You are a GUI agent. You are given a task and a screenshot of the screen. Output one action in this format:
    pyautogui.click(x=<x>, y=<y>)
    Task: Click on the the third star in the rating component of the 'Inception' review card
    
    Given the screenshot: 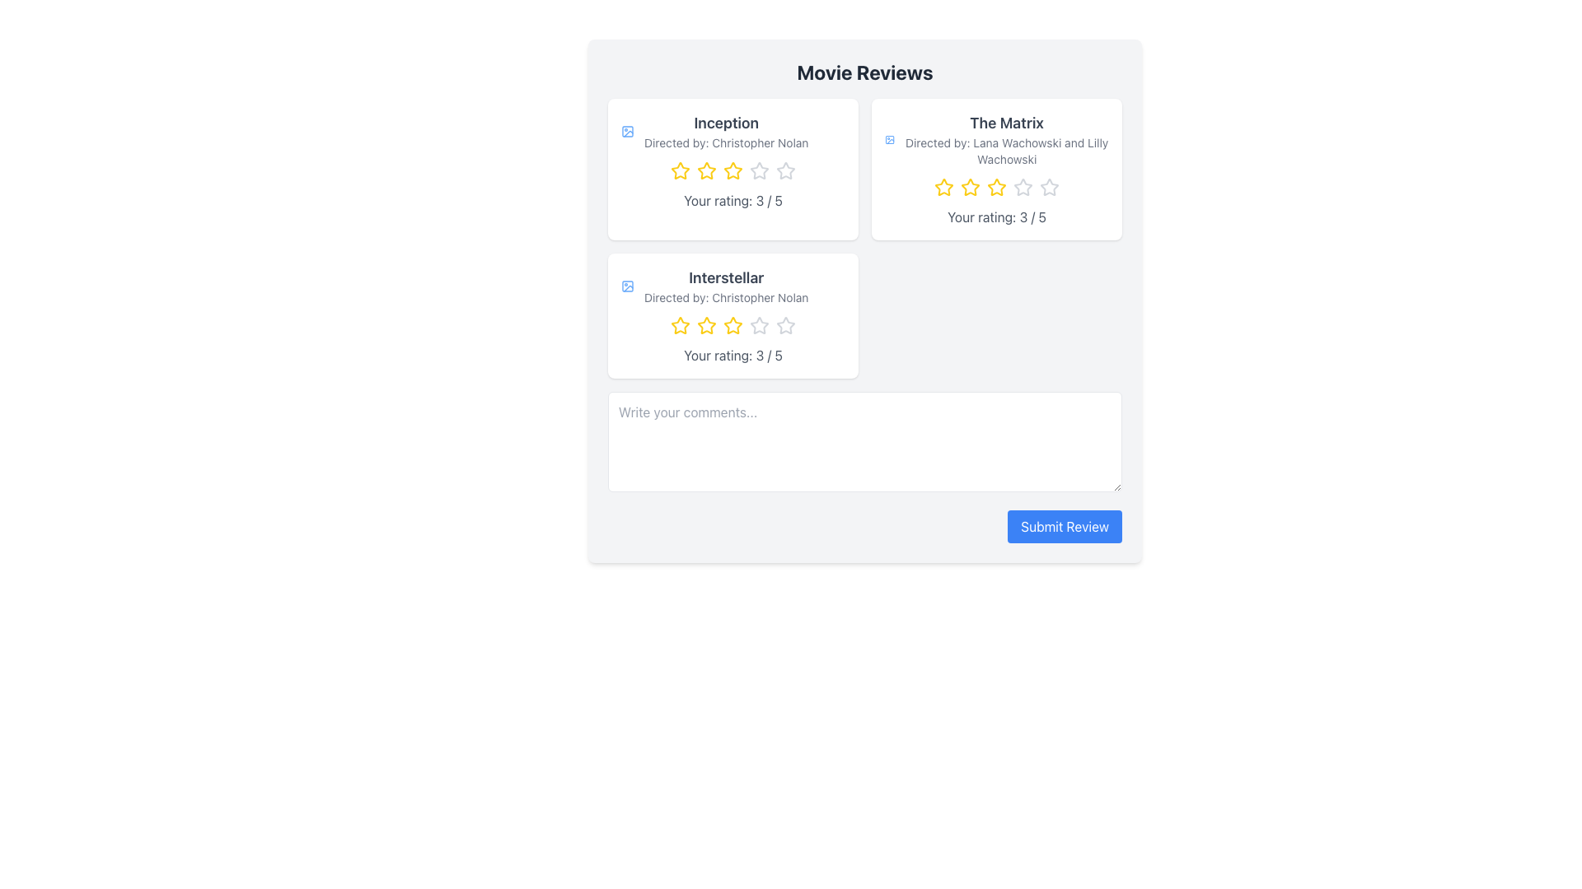 What is the action you would take?
    pyautogui.click(x=732, y=170)
    